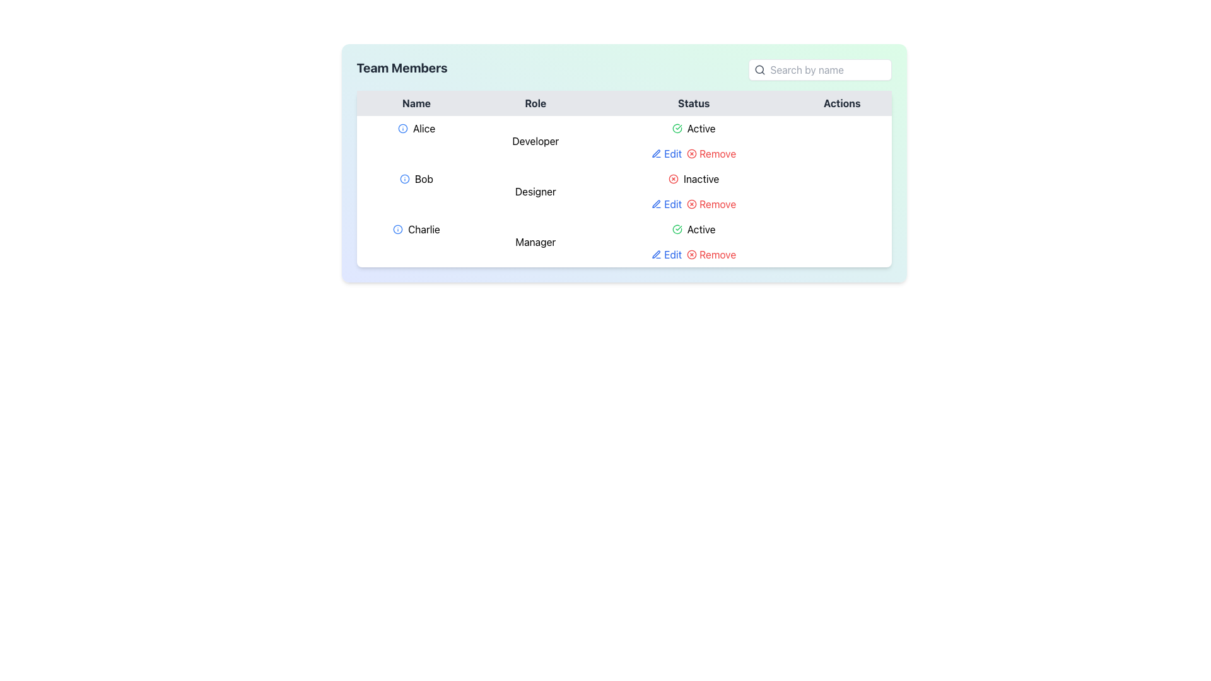 This screenshot has width=1211, height=681. Describe the element at coordinates (666, 153) in the screenshot. I see `the 'Edit' button text, which is styled with a blue color and has an underlined effect on hover, located in the 'Actions' column for user 'Alice'` at that location.